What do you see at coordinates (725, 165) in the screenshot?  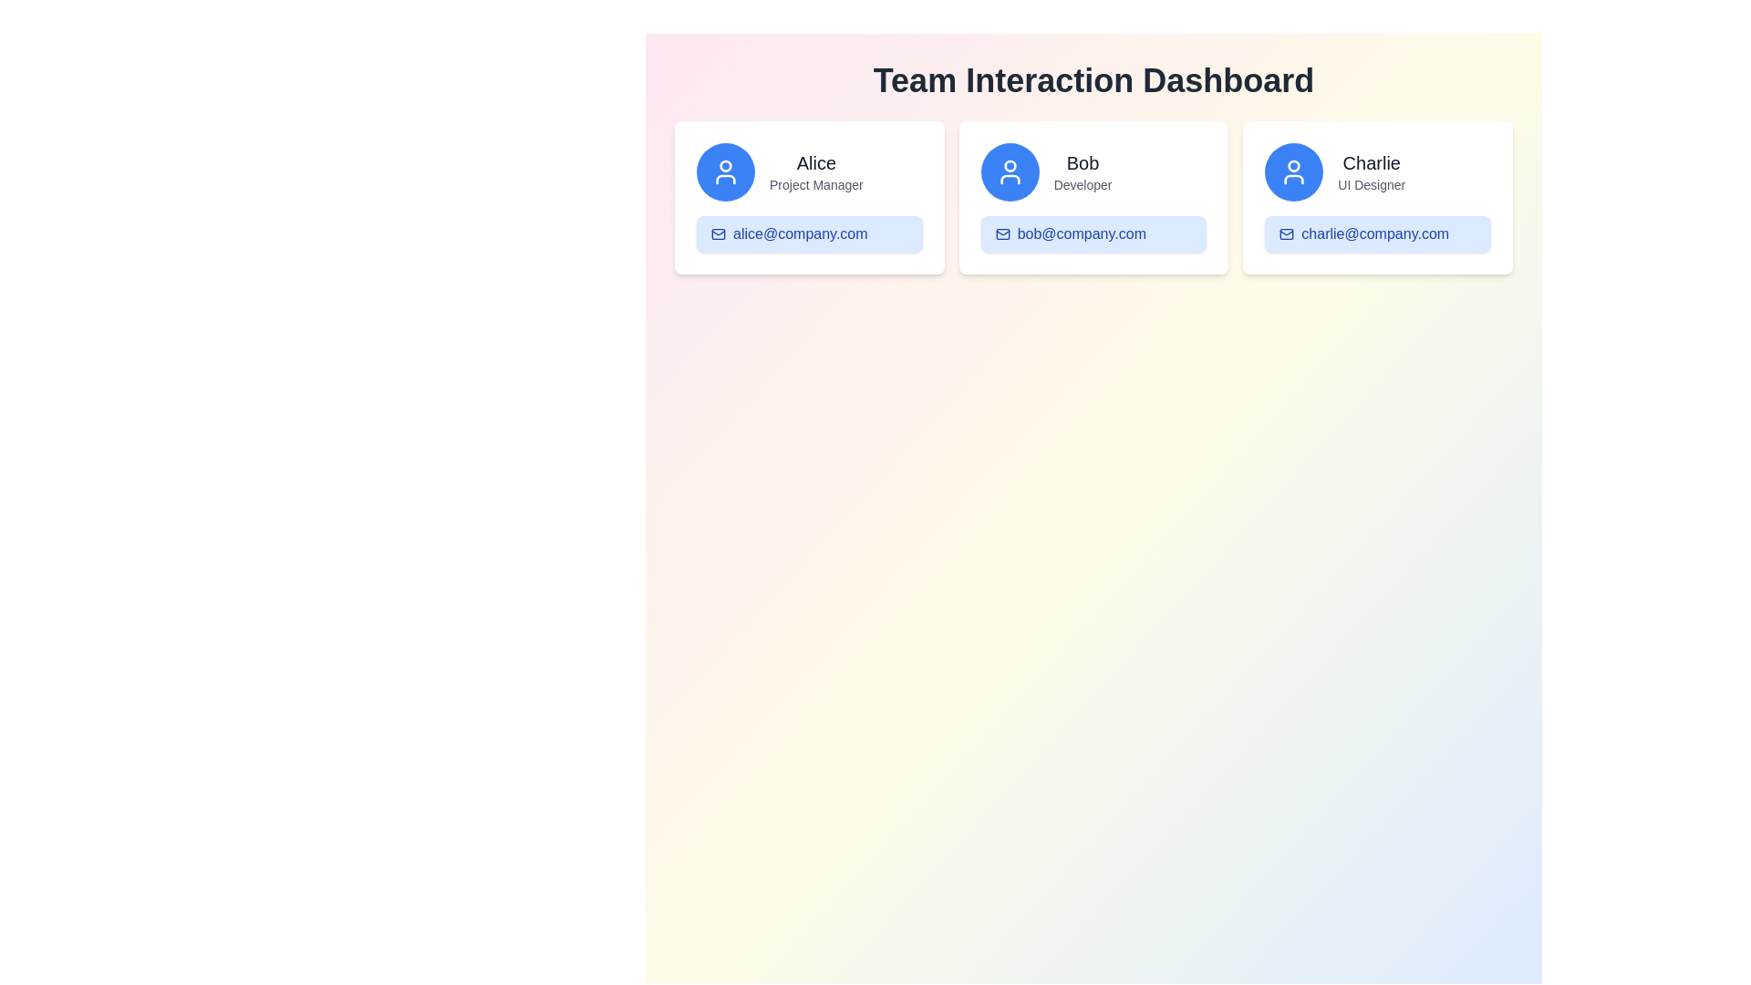 I see `the small circular shape within the user profile icon representing 'Alice' in the Team Interaction Dashboard` at bounding box center [725, 165].